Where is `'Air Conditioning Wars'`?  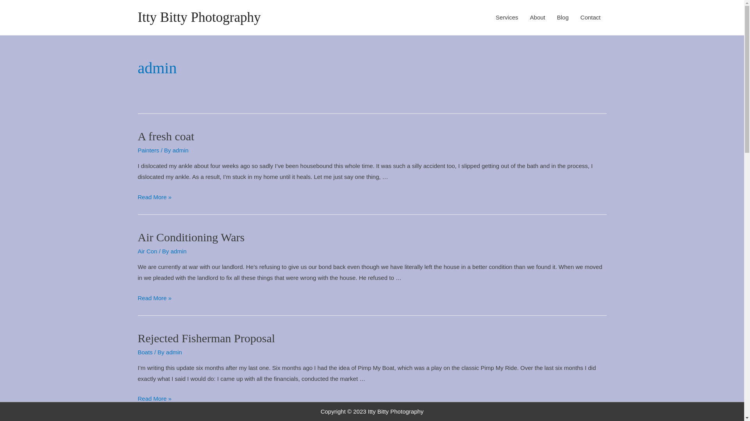
'Air Conditioning Wars' is located at coordinates (191, 237).